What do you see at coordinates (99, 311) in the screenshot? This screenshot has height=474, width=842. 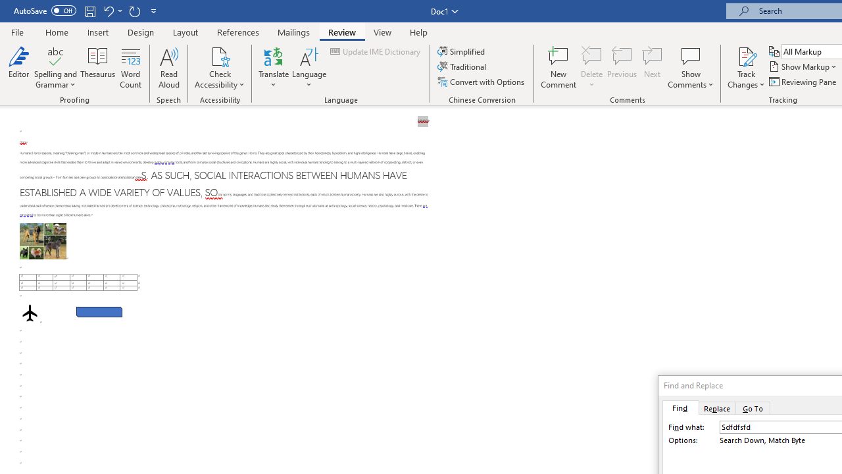 I see `'Rectangle: Diagonal Corners Snipped 2'` at bounding box center [99, 311].